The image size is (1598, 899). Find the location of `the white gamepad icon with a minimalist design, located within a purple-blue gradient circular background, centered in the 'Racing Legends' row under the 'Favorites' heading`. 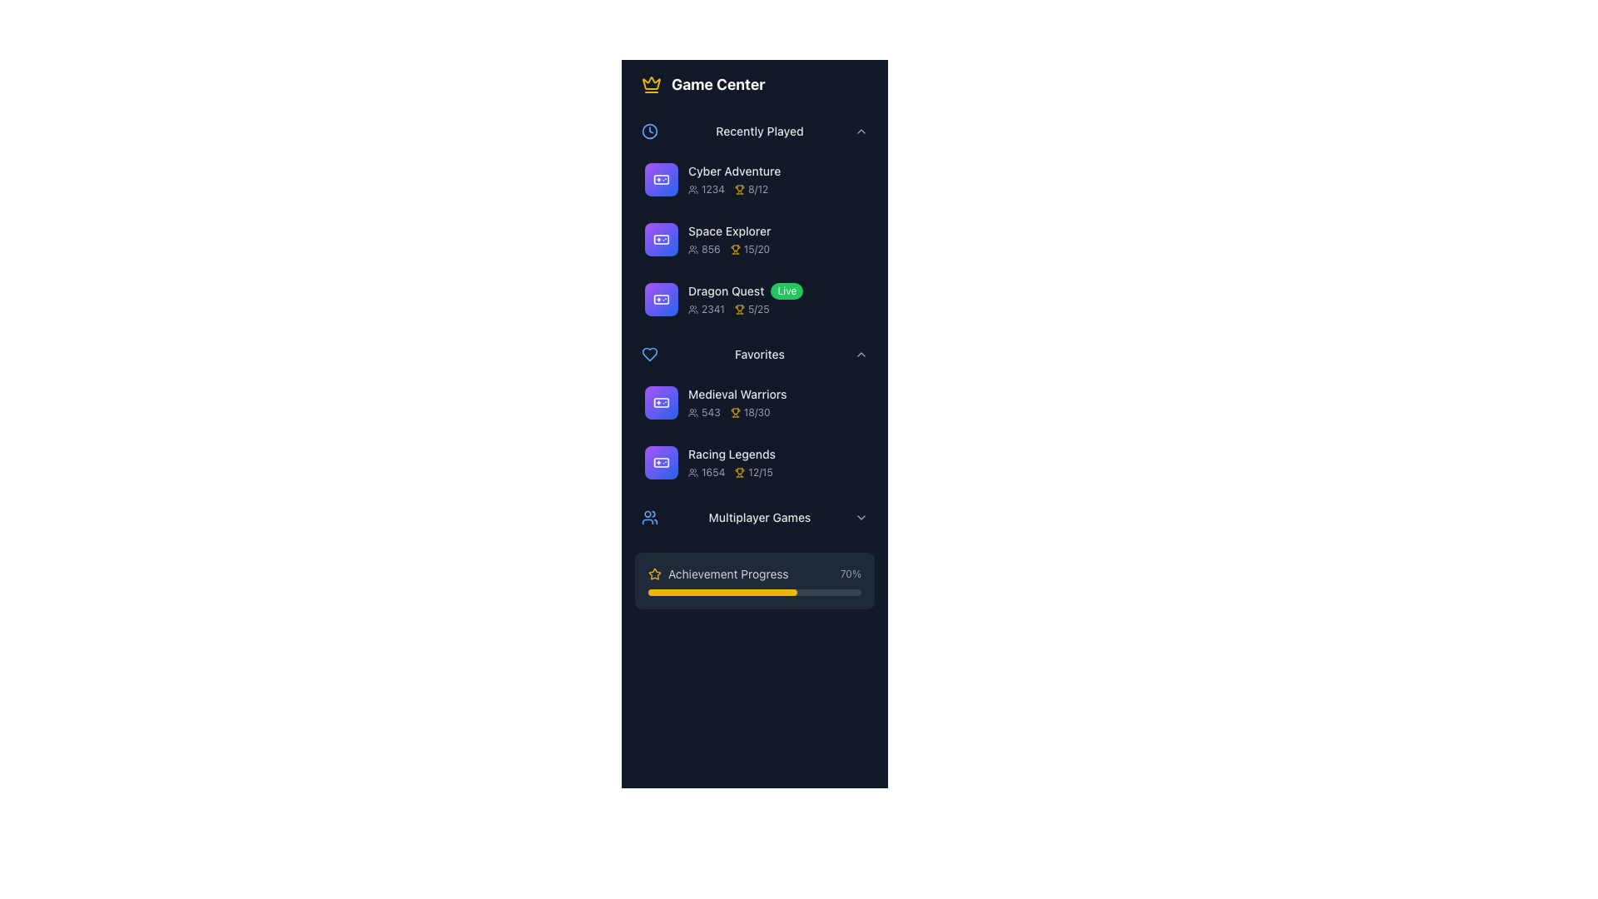

the white gamepad icon with a minimalist design, located within a purple-blue gradient circular background, centered in the 'Racing Legends' row under the 'Favorites' heading is located at coordinates (661, 462).